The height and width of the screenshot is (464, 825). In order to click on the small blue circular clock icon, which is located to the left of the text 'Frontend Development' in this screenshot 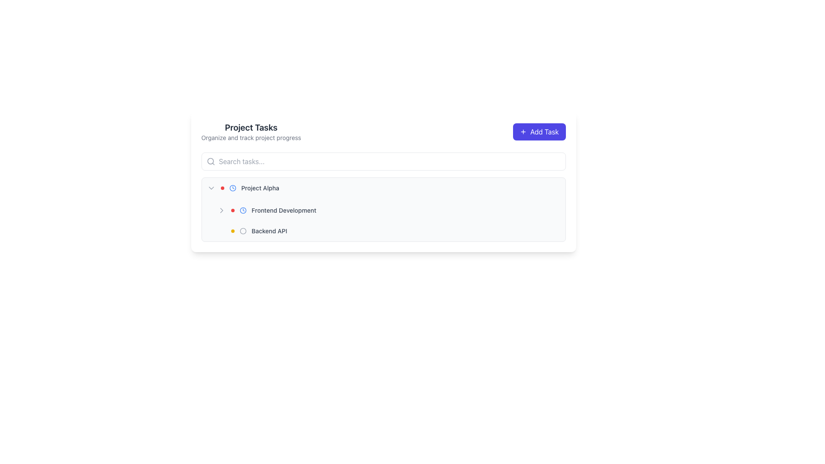, I will do `click(242, 210)`.